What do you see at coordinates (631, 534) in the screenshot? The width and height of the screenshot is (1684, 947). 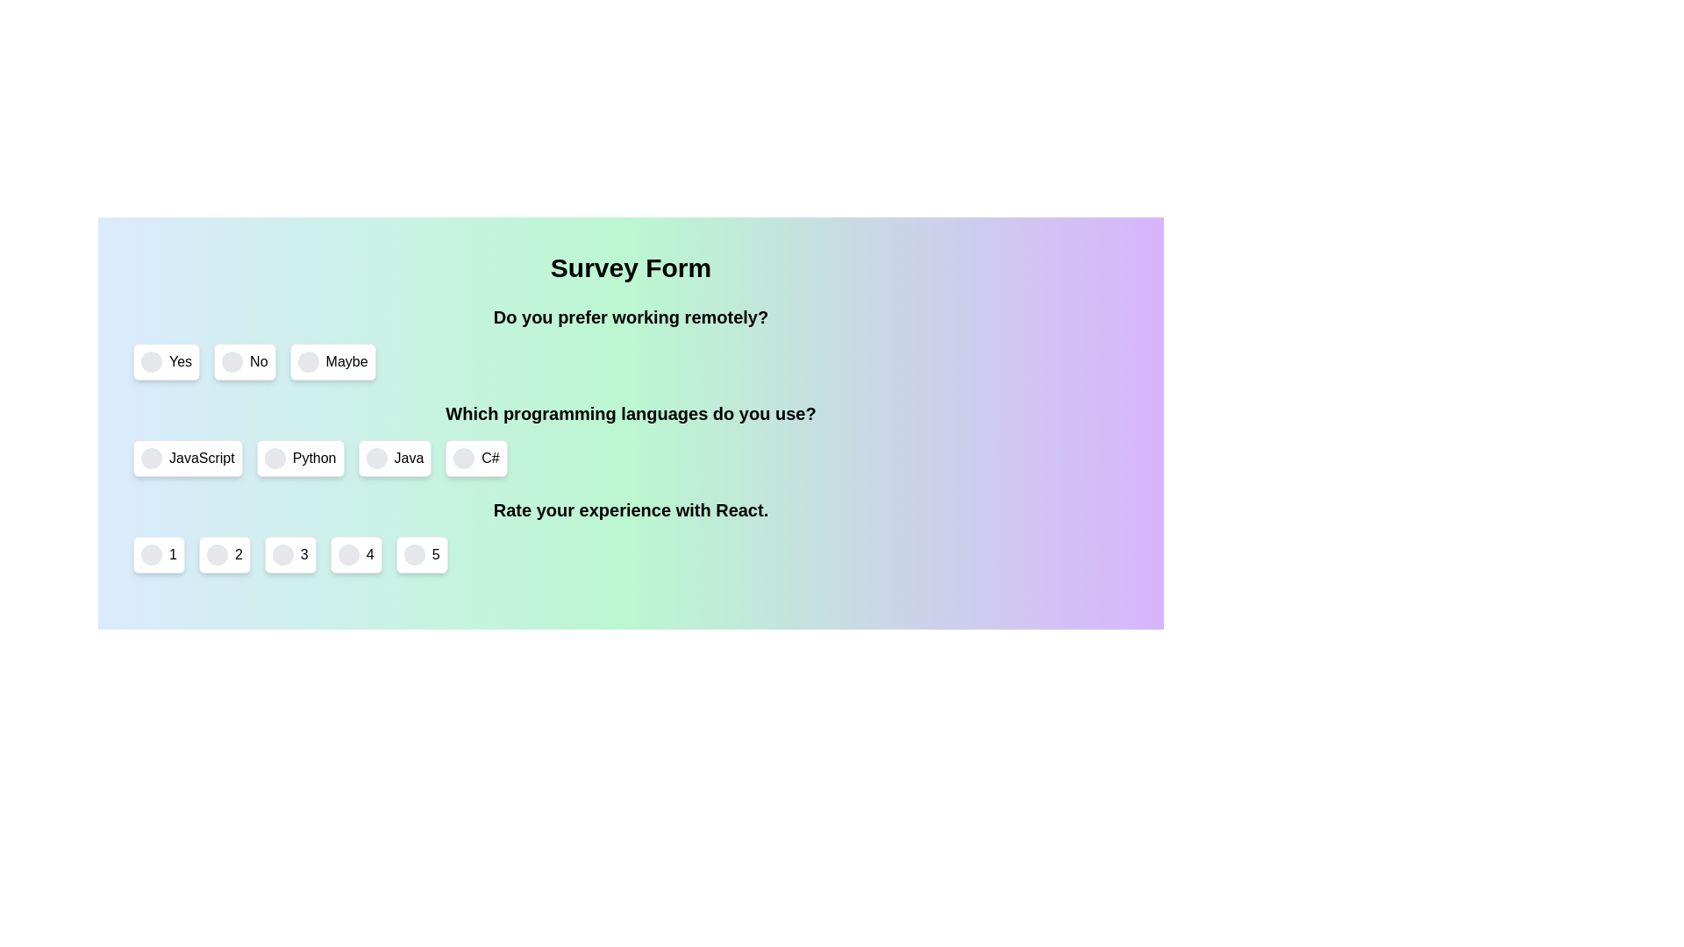 I see `to select a rating option from the Rating Widget, which consists of numeric choices (1` at bounding box center [631, 534].